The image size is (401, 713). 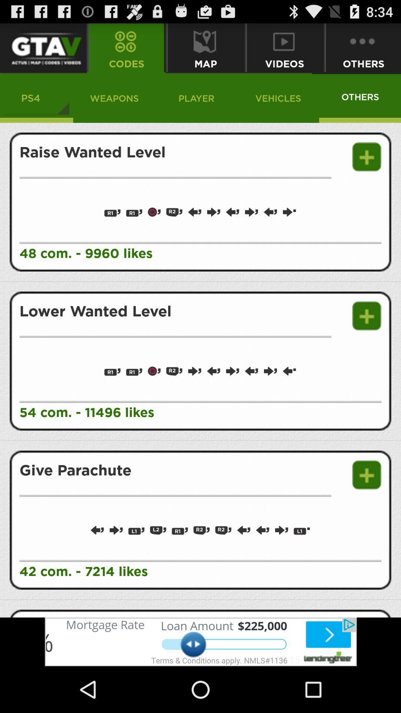 I want to click on gtav, so click(x=42, y=47).